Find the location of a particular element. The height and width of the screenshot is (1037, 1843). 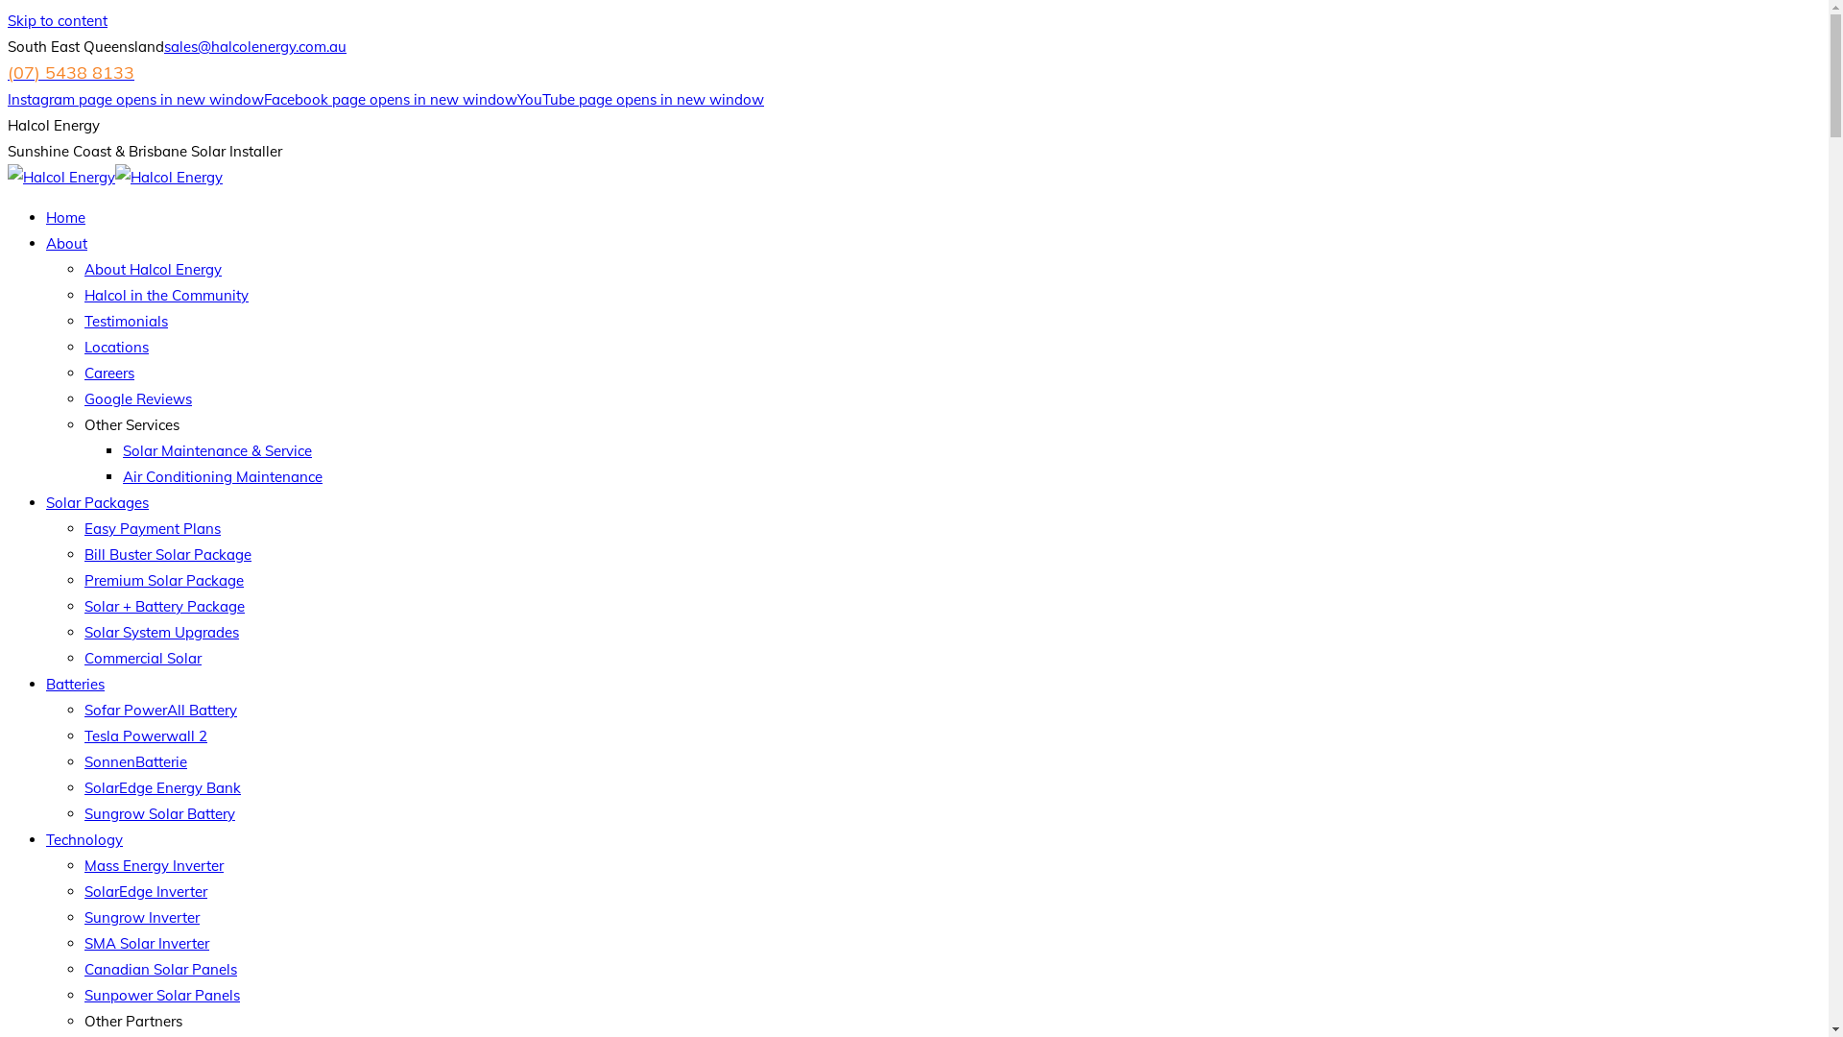

'Batteries' is located at coordinates (75, 683).